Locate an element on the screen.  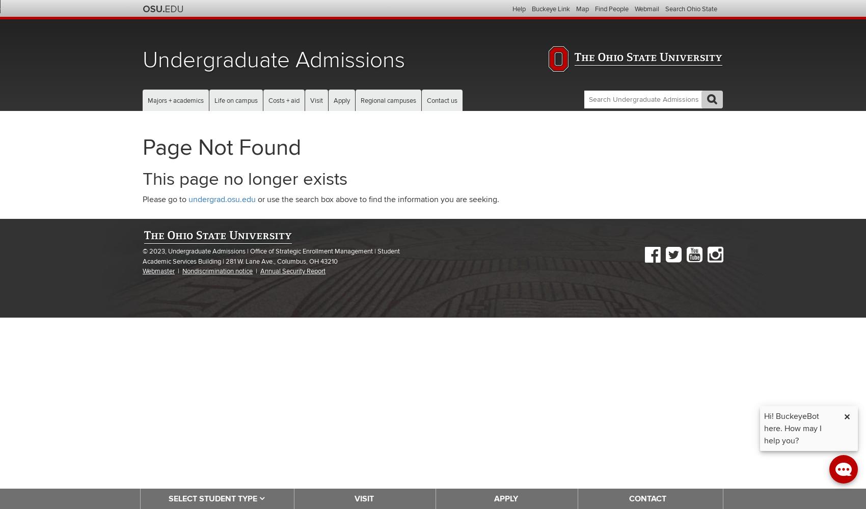
'Contact us' is located at coordinates (442, 100).